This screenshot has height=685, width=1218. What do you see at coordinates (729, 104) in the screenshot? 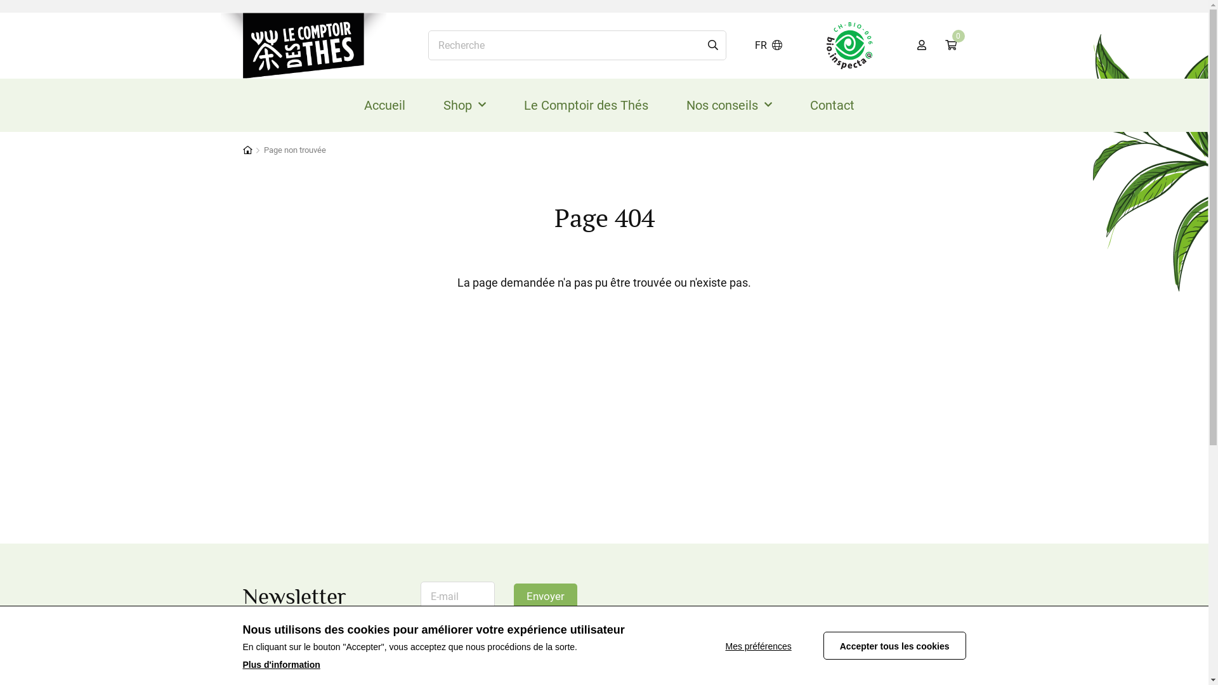
I see `'Nos conseils'` at bounding box center [729, 104].